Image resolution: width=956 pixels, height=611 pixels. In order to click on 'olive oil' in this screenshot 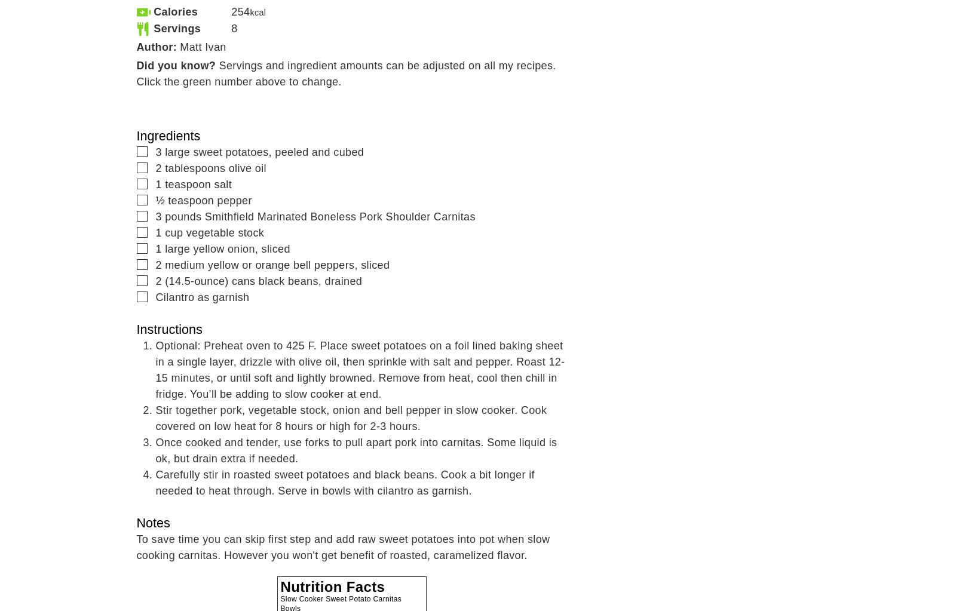, I will do `click(246, 168)`.